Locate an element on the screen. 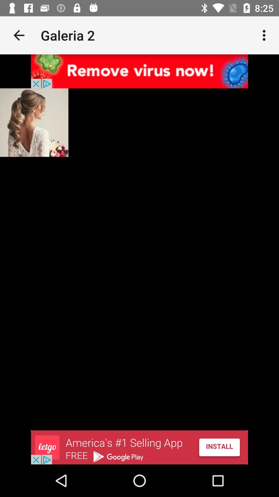 The height and width of the screenshot is (497, 279). advertisement for selling is located at coordinates (139, 447).